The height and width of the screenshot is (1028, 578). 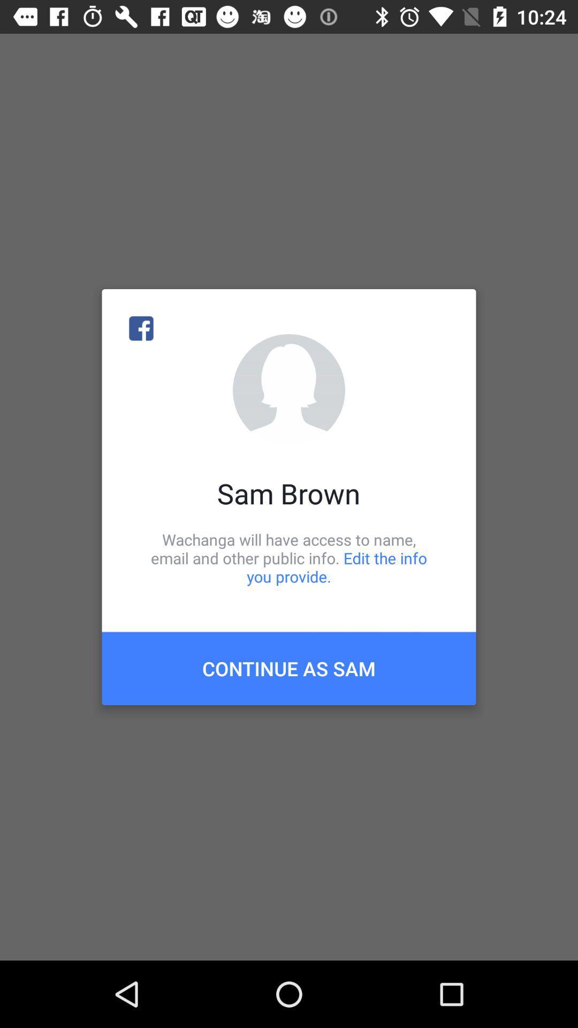 What do you see at coordinates (289, 668) in the screenshot?
I see `the icon below wachanga will have item` at bounding box center [289, 668].